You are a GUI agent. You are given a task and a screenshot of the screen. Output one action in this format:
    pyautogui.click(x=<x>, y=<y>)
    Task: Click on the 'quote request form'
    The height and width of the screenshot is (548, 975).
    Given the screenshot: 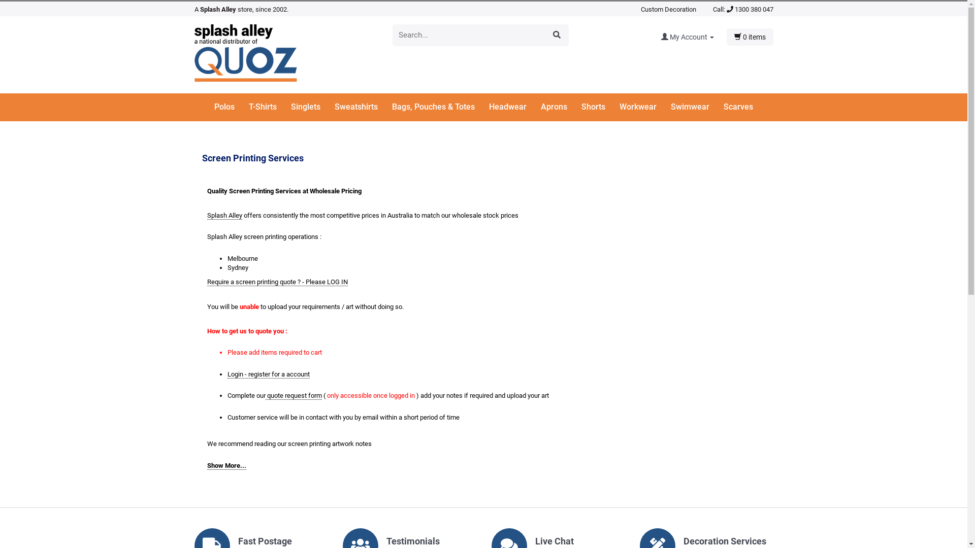 What is the action you would take?
    pyautogui.click(x=265, y=395)
    